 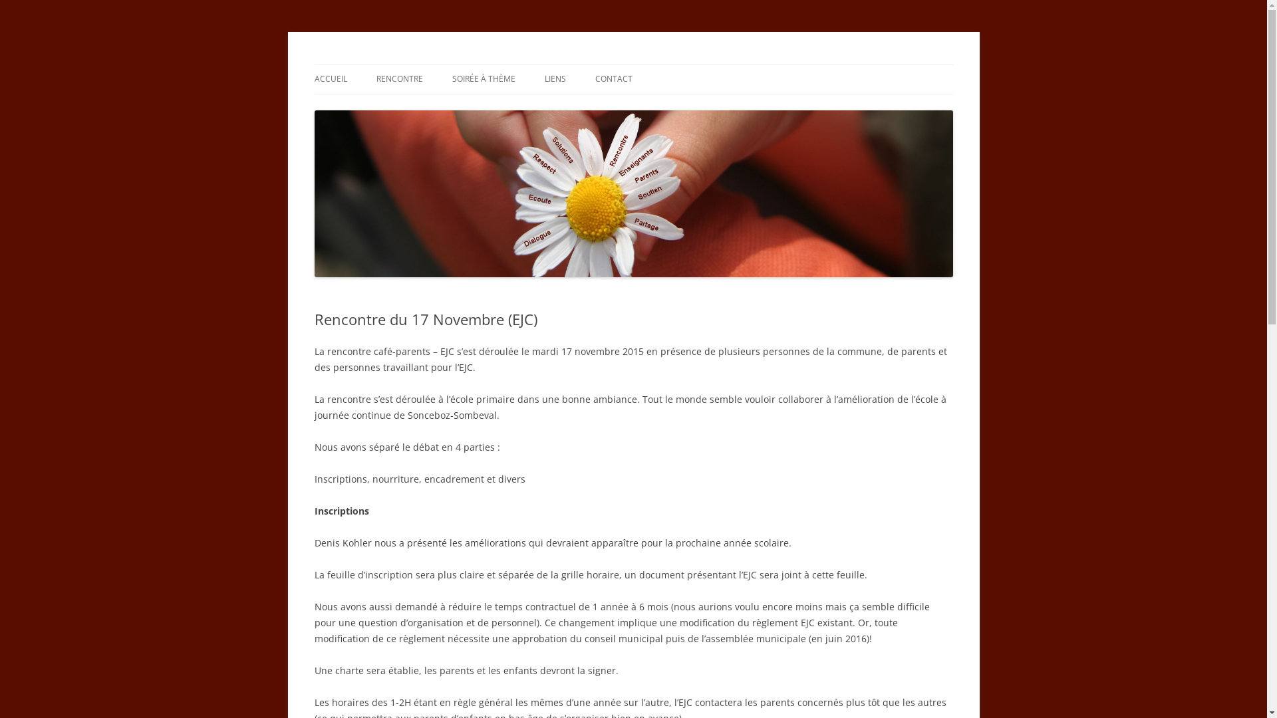 I want to click on 'ACCUEIL', so click(x=330, y=79).